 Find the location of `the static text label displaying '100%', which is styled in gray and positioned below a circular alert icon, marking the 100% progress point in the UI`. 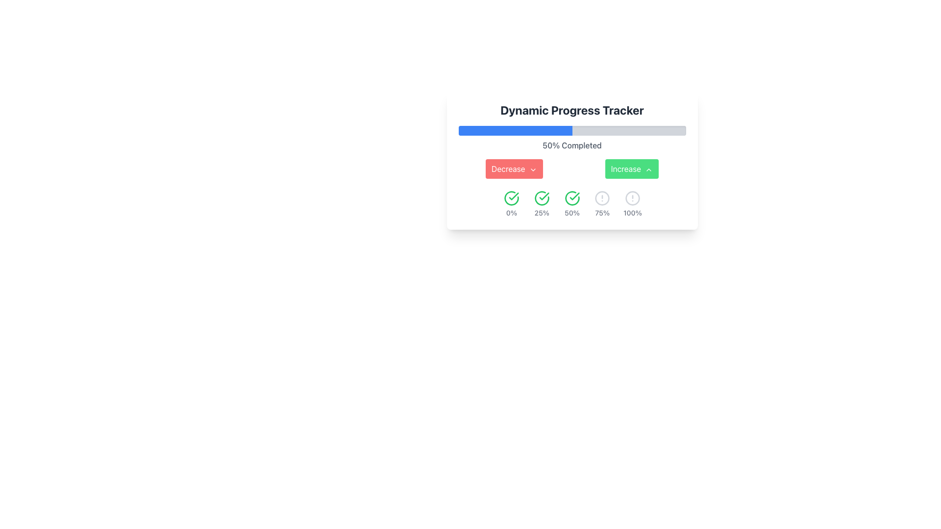

the static text label displaying '100%', which is styled in gray and positioned below a circular alert icon, marking the 100% progress point in the UI is located at coordinates (633, 213).